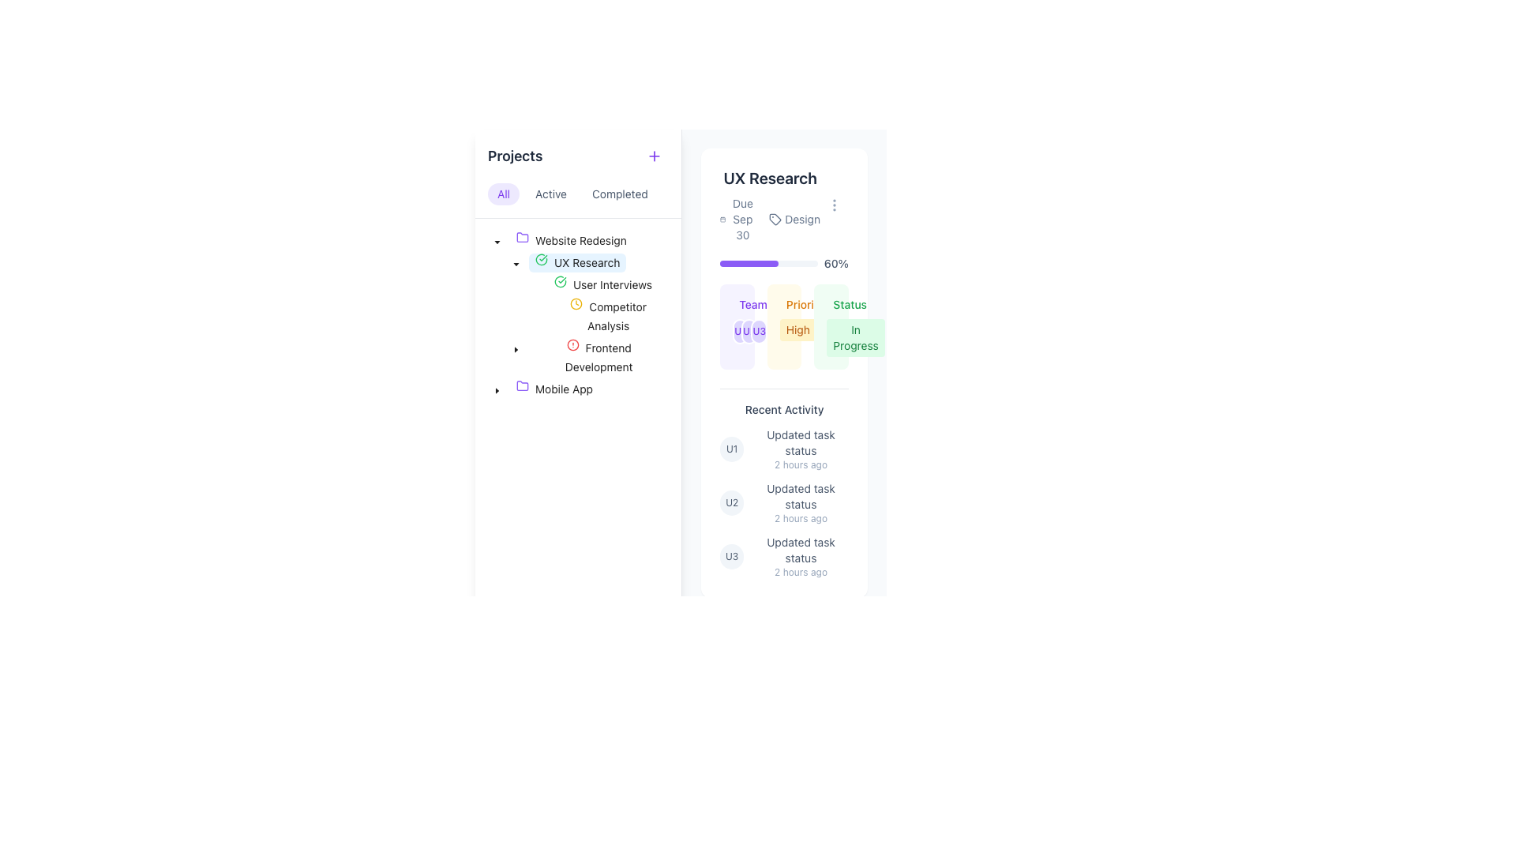  I want to click on the text label within the Recent Activity section, which is part of a circular badge representing a user or entity involved in the activity, so click(739, 331).